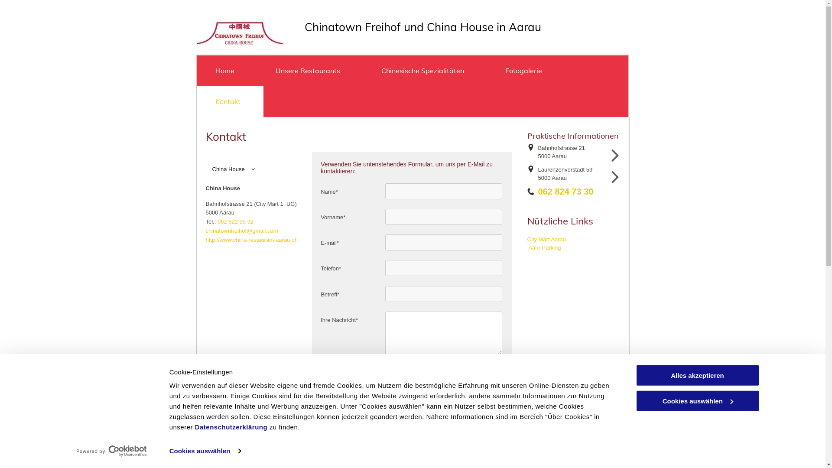 This screenshot has width=832, height=468. Describe the element at coordinates (538, 191) in the screenshot. I see `'062 824 73 30'` at that location.